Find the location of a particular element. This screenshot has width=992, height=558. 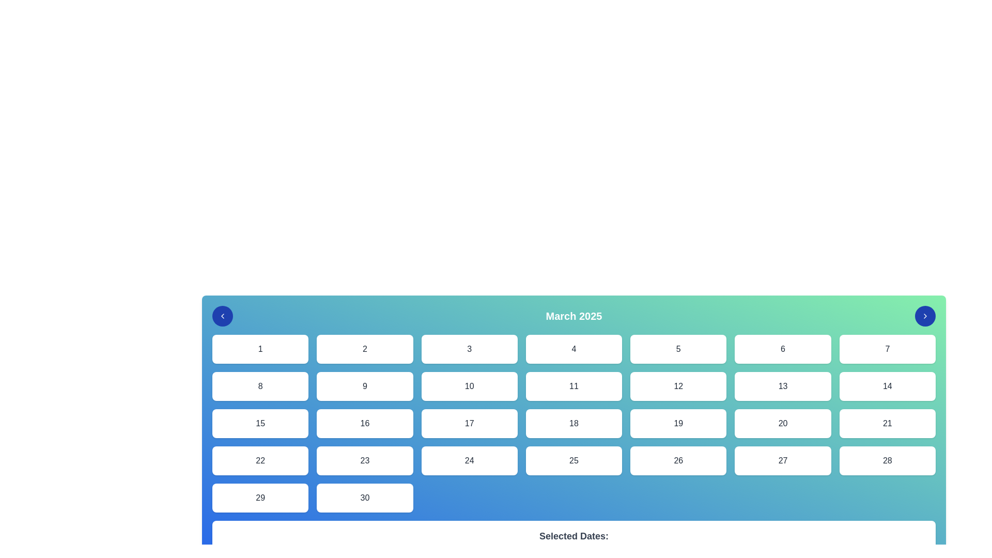

on the calendar date cell displaying the number '23', which is located in the fourth row and second column of the grid structure is located at coordinates (365, 460).